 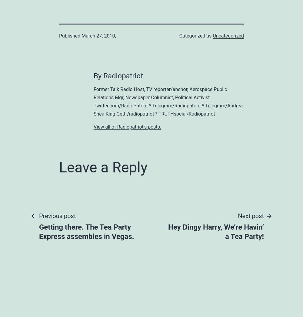 I want to click on 'Previous post', so click(x=57, y=216).